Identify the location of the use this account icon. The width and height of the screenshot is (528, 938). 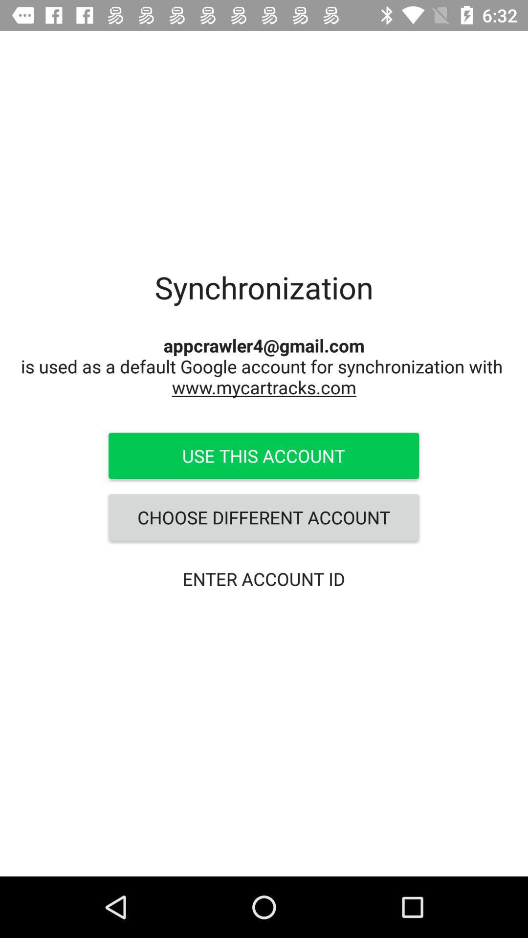
(263, 455).